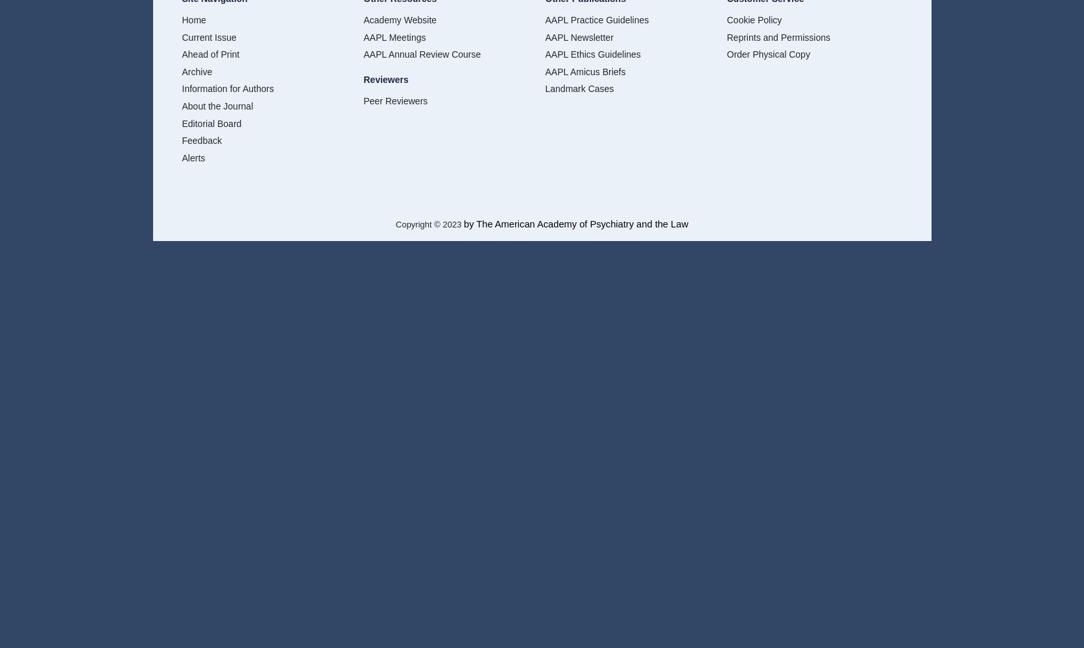 Image resolution: width=1084 pixels, height=648 pixels. What do you see at coordinates (429, 224) in the screenshot?
I see `'Copyright © 2023'` at bounding box center [429, 224].